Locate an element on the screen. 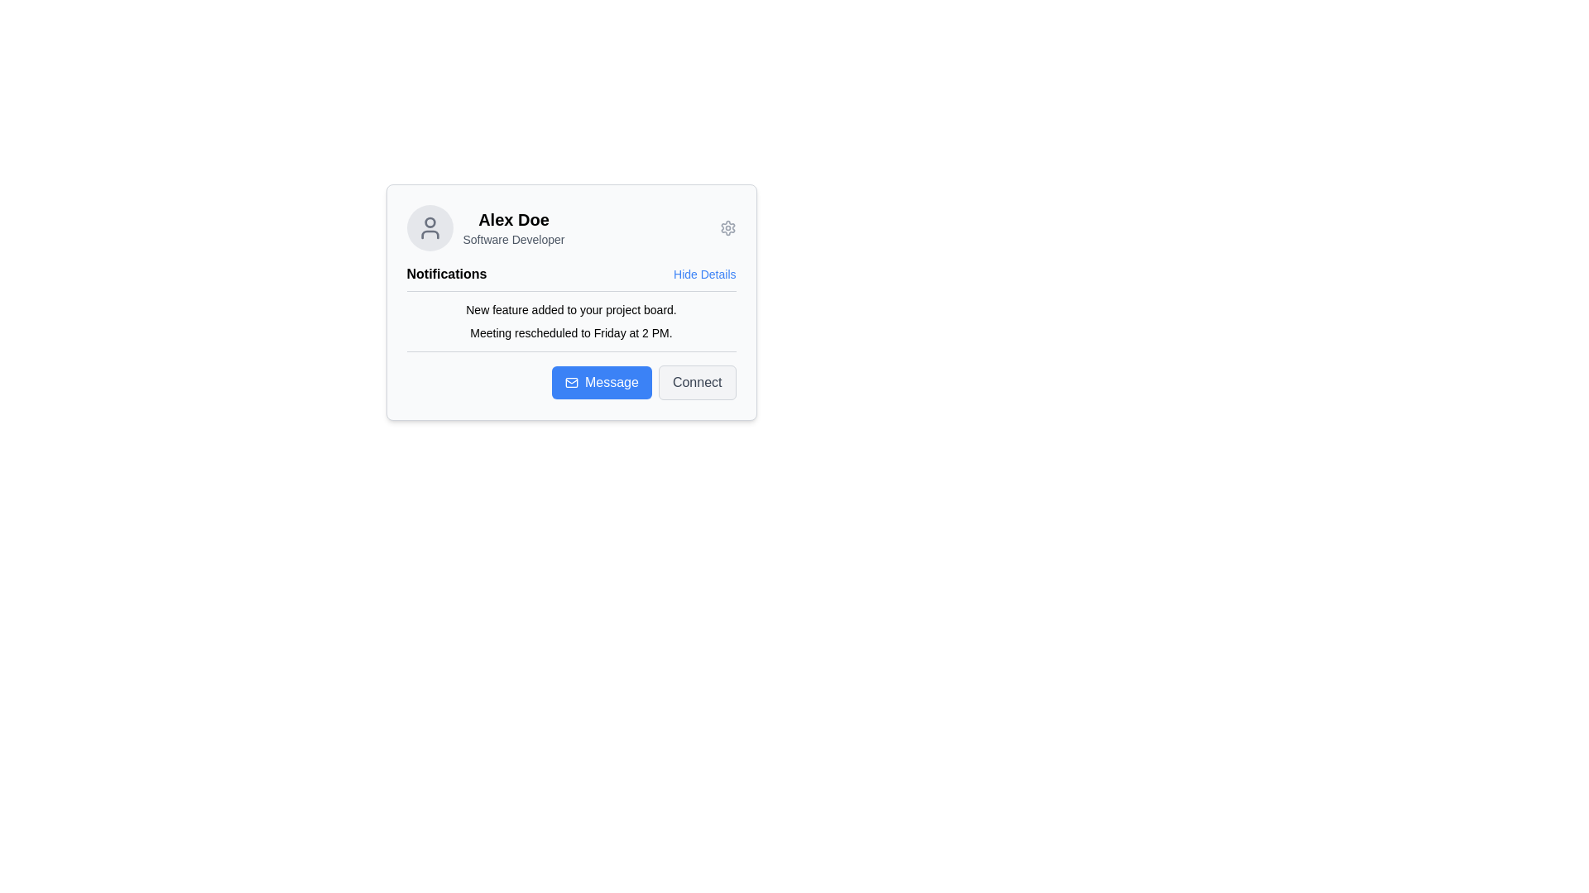  the gear-shaped icon in the top-right corner of the user card interface is located at coordinates (727, 228).